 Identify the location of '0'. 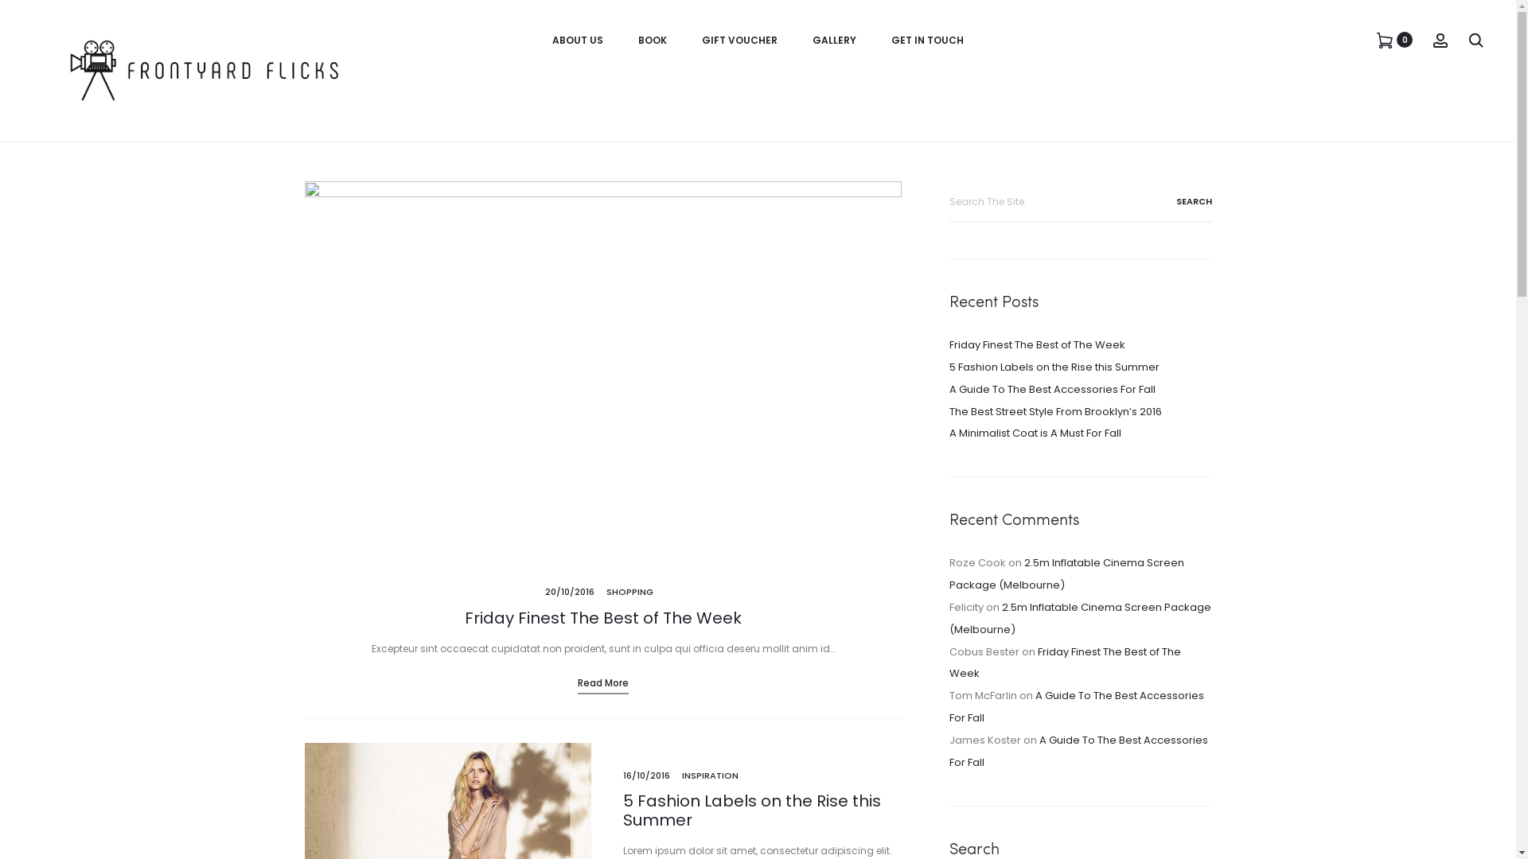
(1383, 39).